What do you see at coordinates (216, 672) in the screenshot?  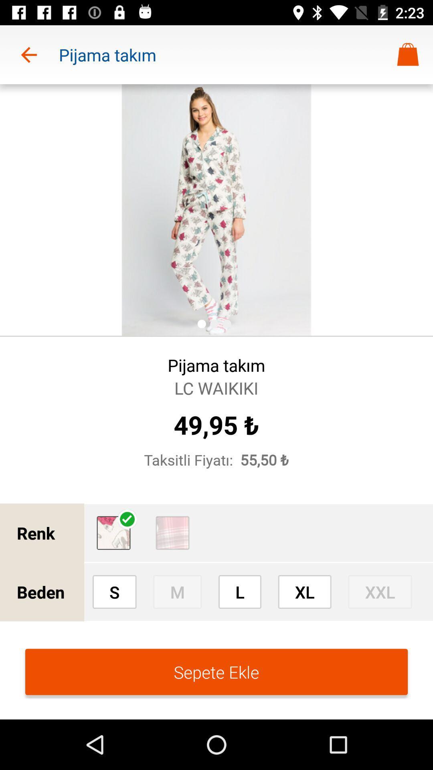 I see `the icon below the beden icon` at bounding box center [216, 672].